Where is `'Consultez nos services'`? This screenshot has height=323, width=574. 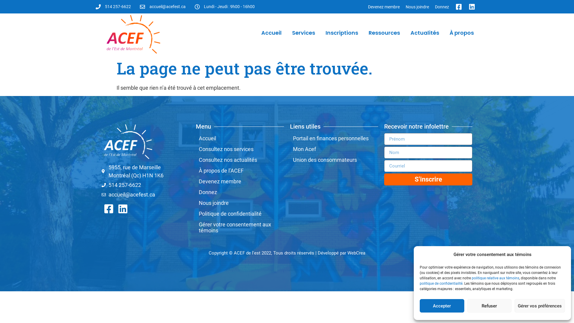 'Consultez nos services' is located at coordinates (196, 149).